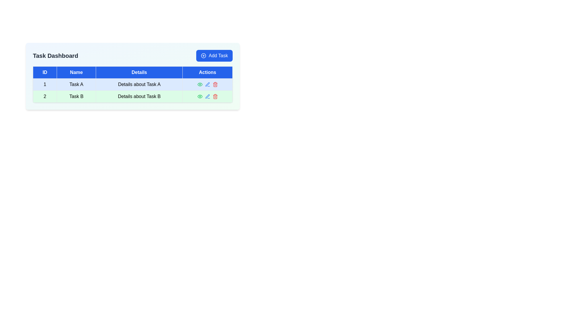 Image resolution: width=564 pixels, height=317 pixels. I want to click on a cell in the table with a white background and blue header row, so click(132, 85).